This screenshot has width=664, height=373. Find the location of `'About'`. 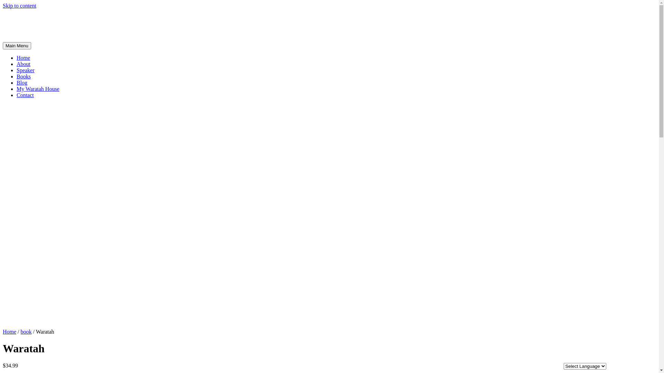

'About' is located at coordinates (23, 64).